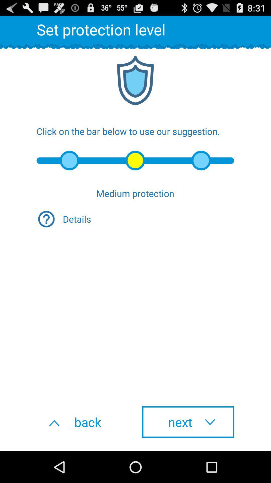 The height and width of the screenshot is (483, 271). I want to click on icon to the left of next icon, so click(83, 422).